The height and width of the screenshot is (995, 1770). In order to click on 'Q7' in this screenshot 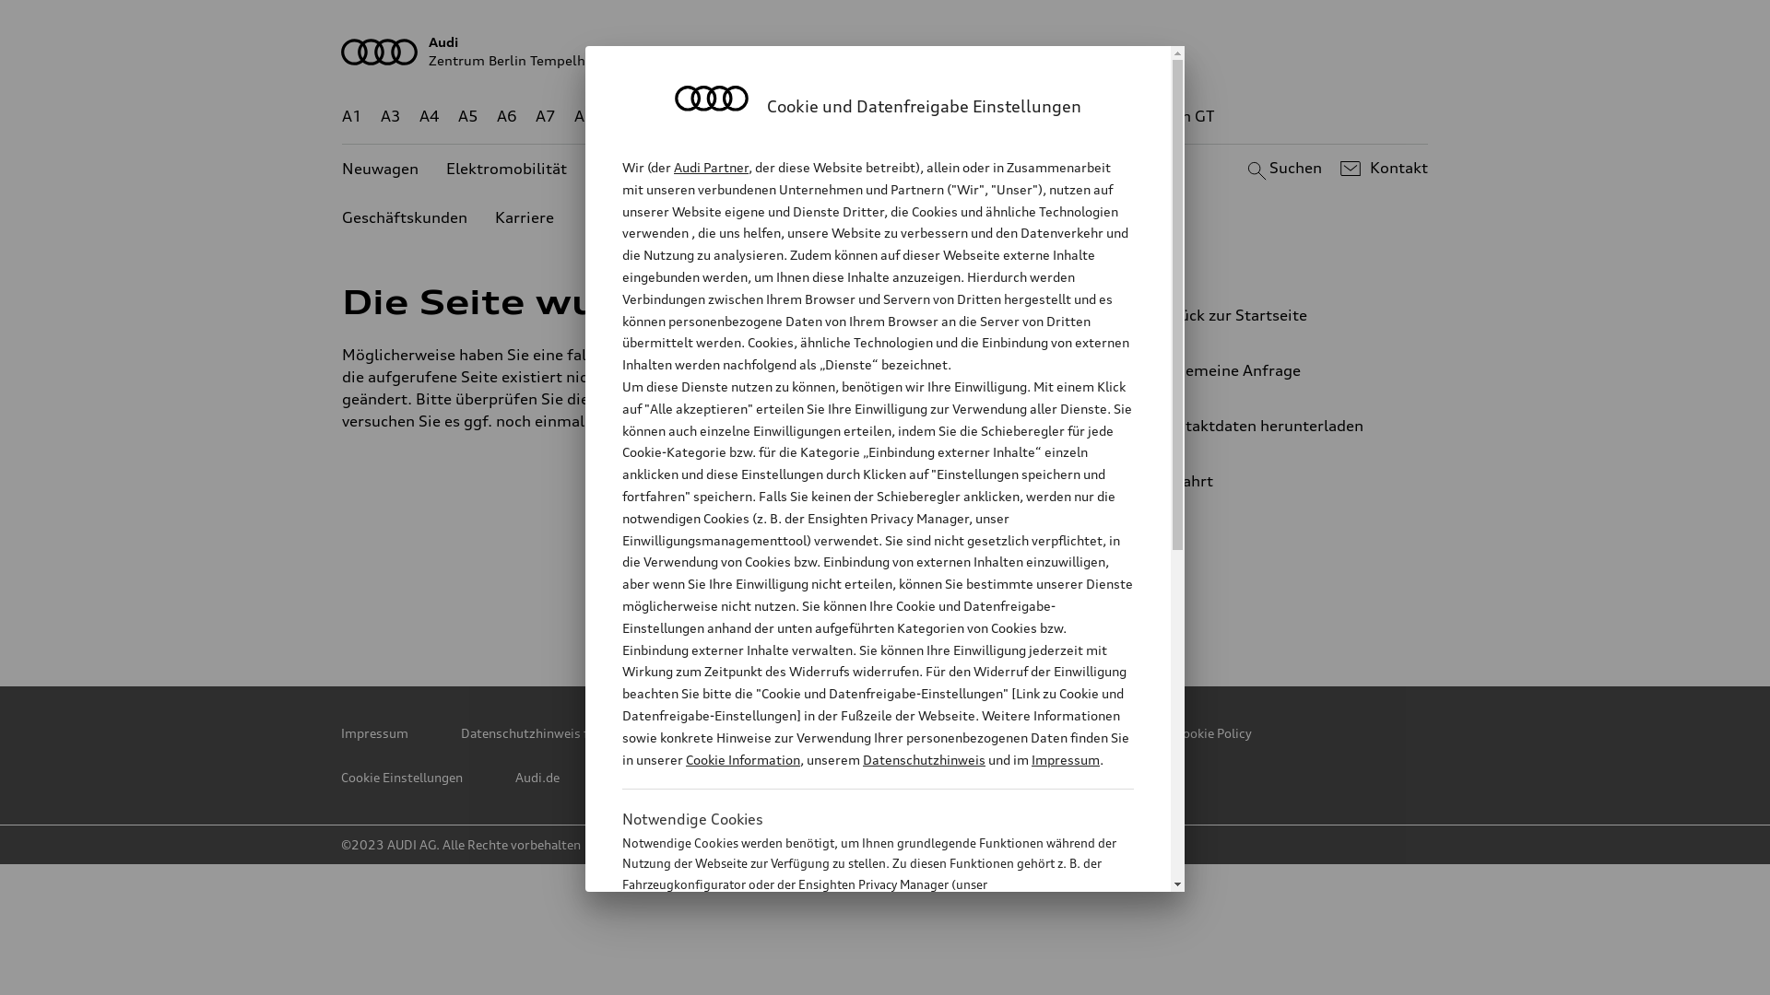, I will do `click(830, 116)`.